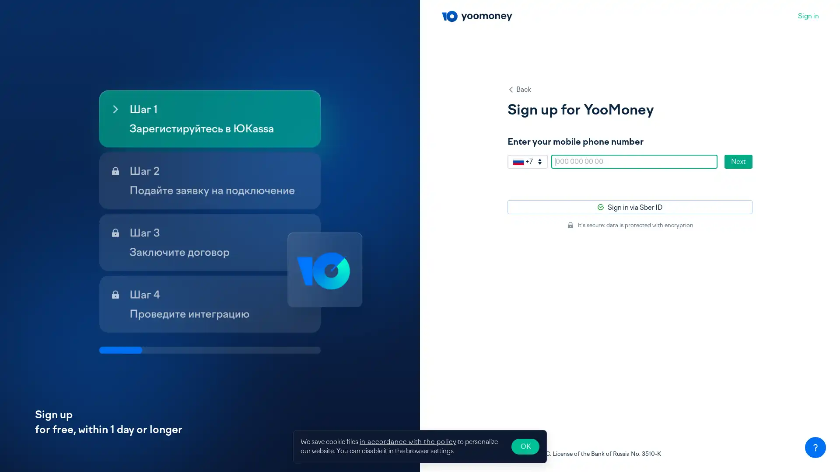 The height and width of the screenshot is (472, 840). I want to click on OK, so click(525, 447).